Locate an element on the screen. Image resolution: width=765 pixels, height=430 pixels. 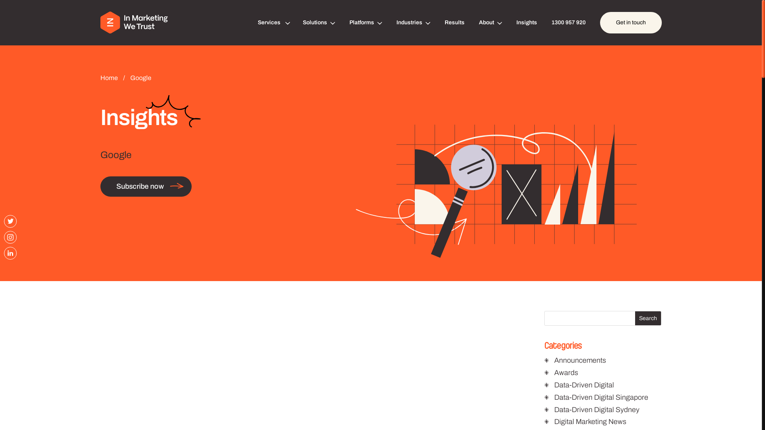
'Solutions' is located at coordinates (302, 22).